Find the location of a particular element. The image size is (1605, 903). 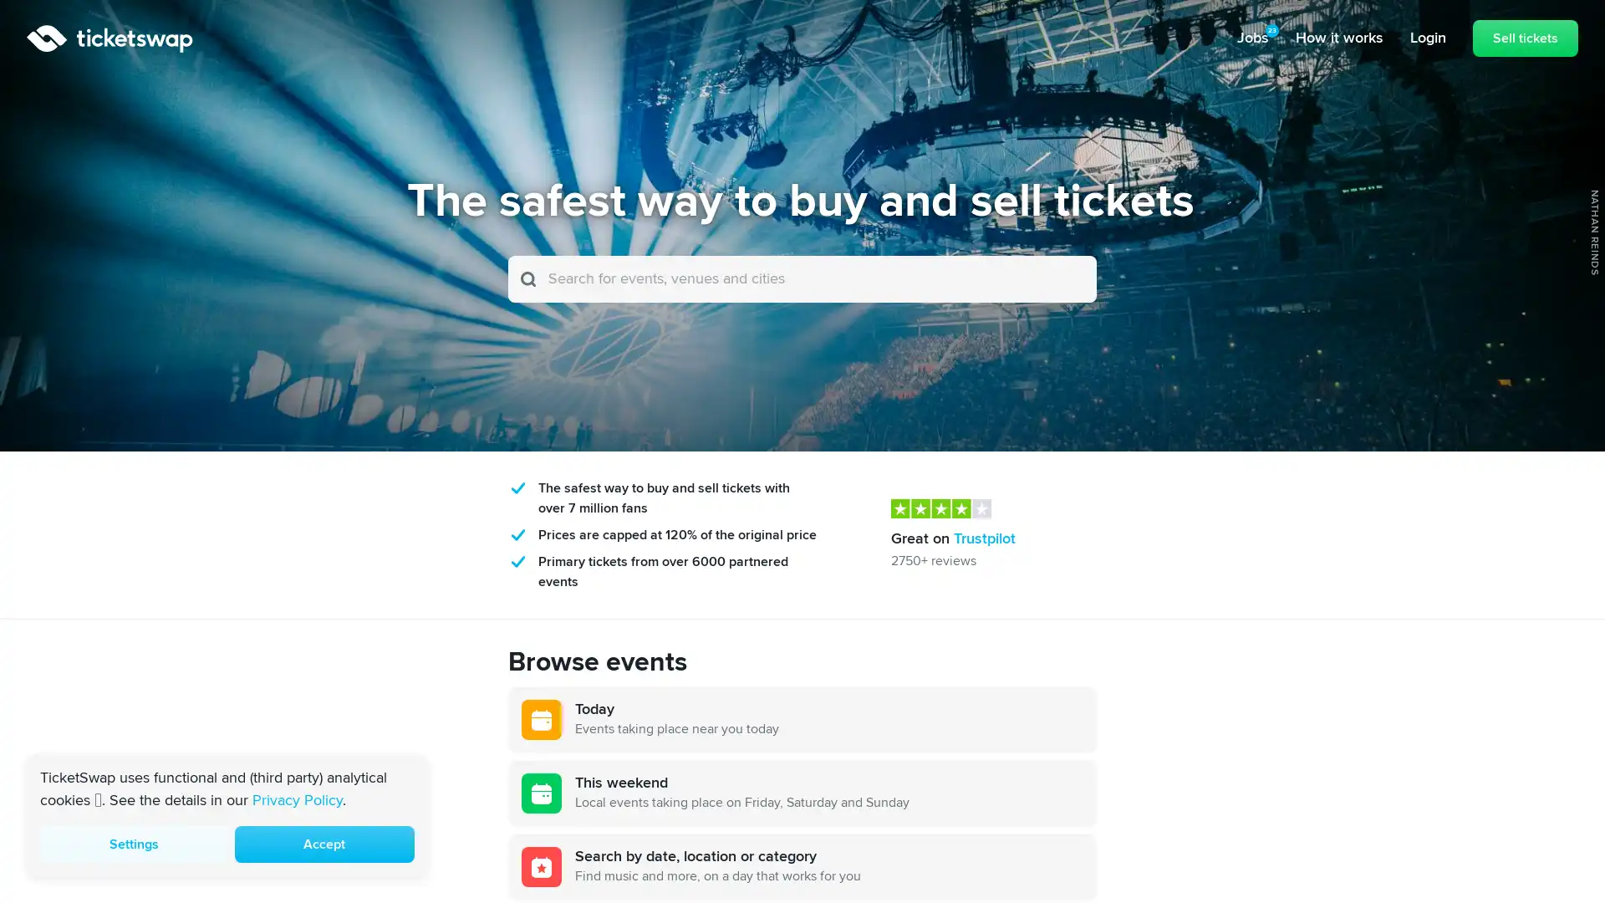

Accept is located at coordinates (324, 844).